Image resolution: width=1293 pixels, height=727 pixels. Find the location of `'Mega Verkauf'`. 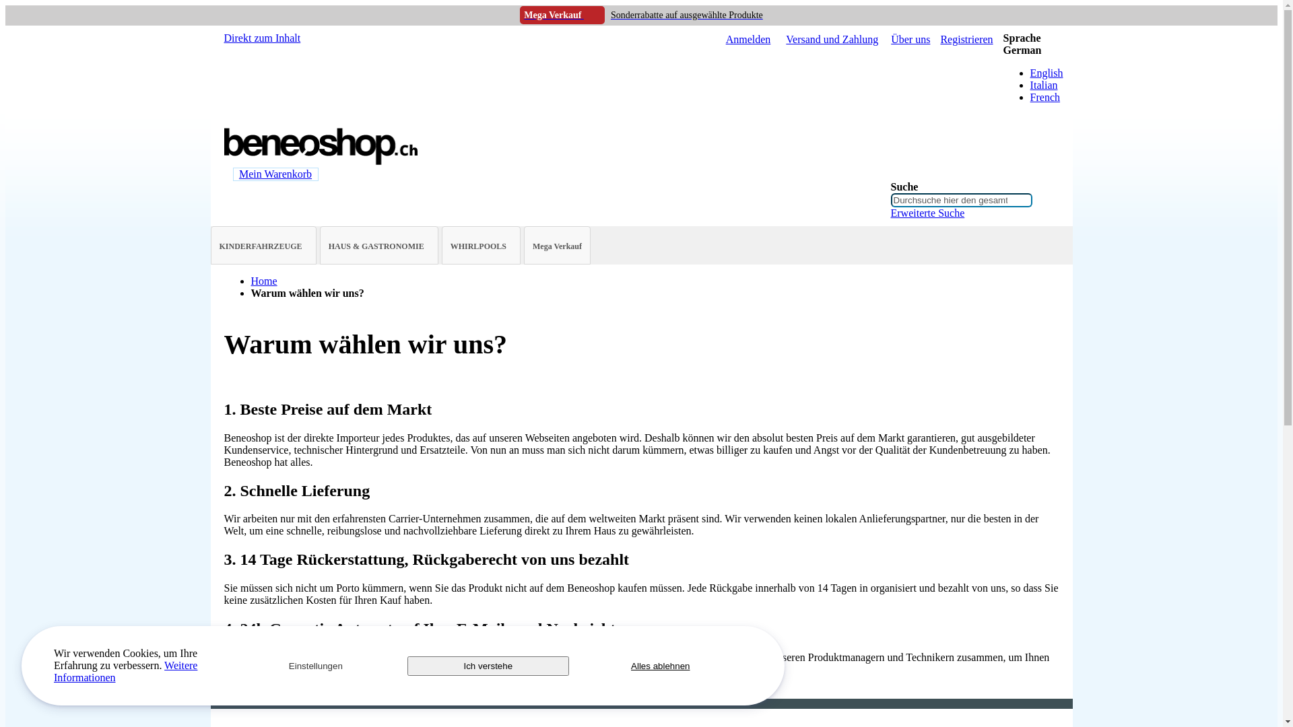

'Mega Verkauf' is located at coordinates (557, 246).